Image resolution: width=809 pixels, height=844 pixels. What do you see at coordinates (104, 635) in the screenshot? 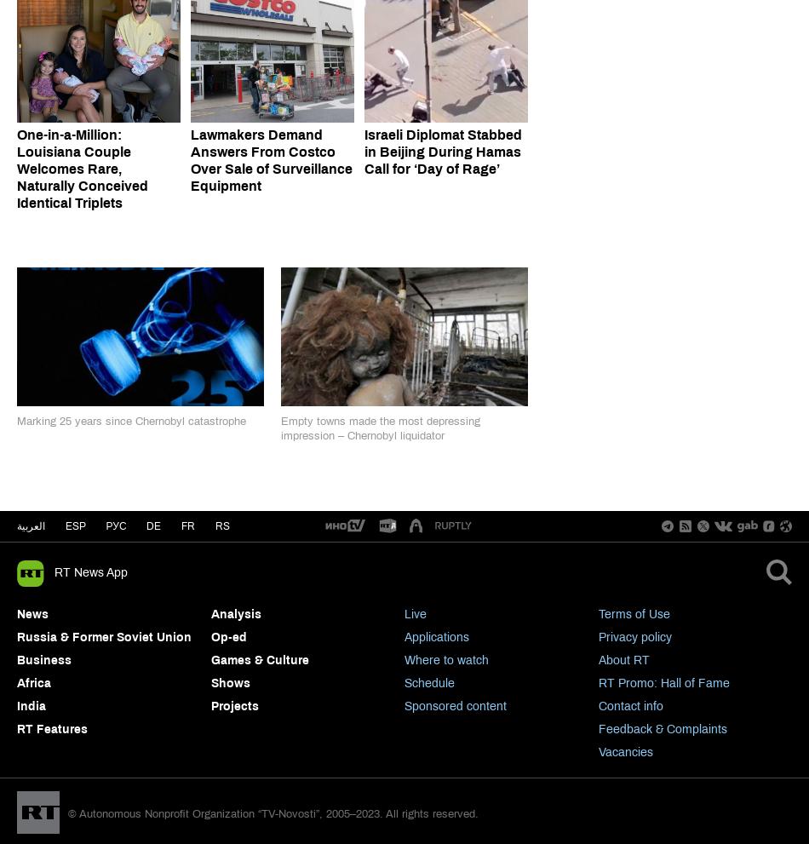
I see `'Russia & Former Soviet Union'` at bounding box center [104, 635].